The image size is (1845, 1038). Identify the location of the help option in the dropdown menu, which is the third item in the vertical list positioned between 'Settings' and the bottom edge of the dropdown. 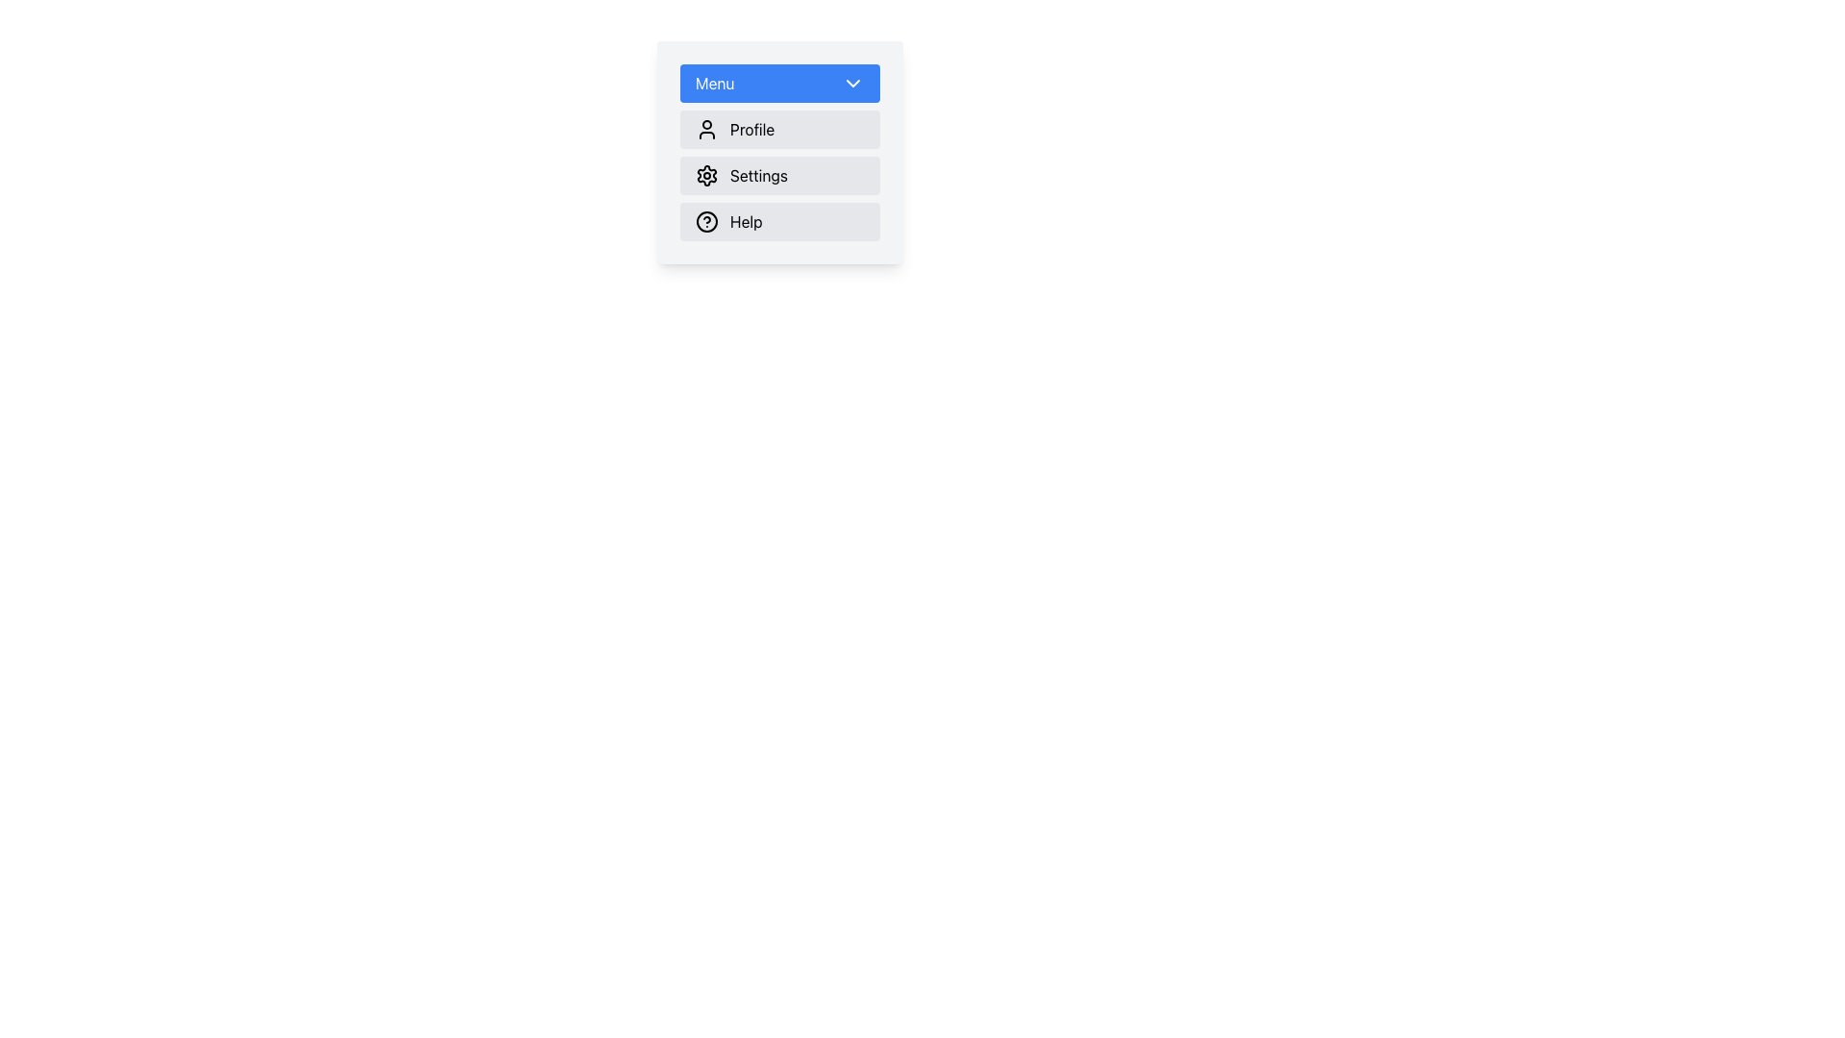
(779, 221).